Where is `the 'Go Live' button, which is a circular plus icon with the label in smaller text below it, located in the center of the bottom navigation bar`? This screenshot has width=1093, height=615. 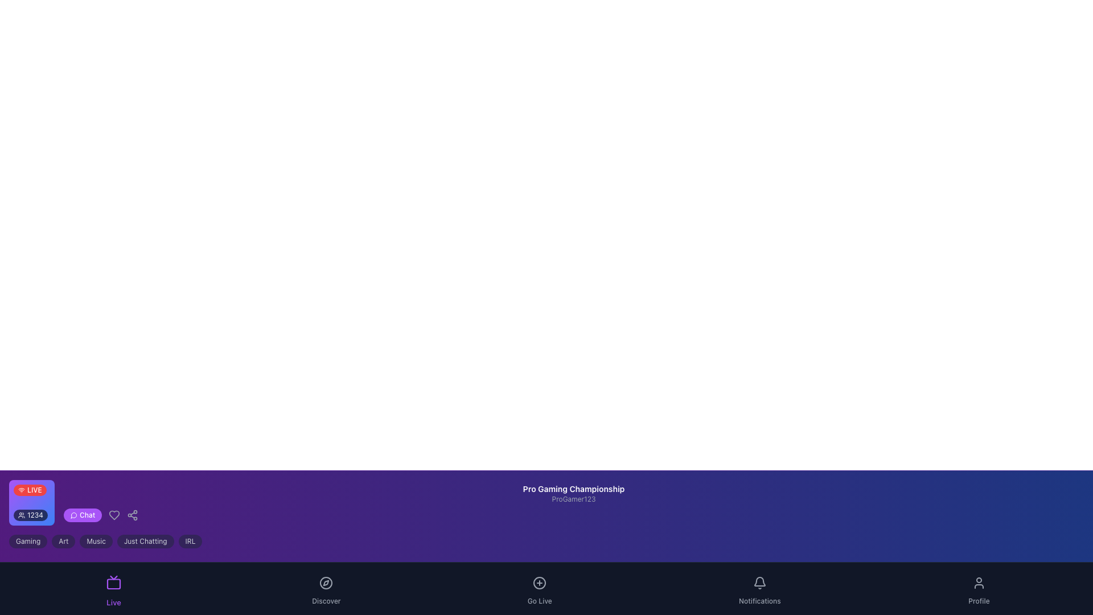 the 'Go Live' button, which is a circular plus icon with the label in smaller text below it, located in the center of the bottom navigation bar is located at coordinates (539, 588).